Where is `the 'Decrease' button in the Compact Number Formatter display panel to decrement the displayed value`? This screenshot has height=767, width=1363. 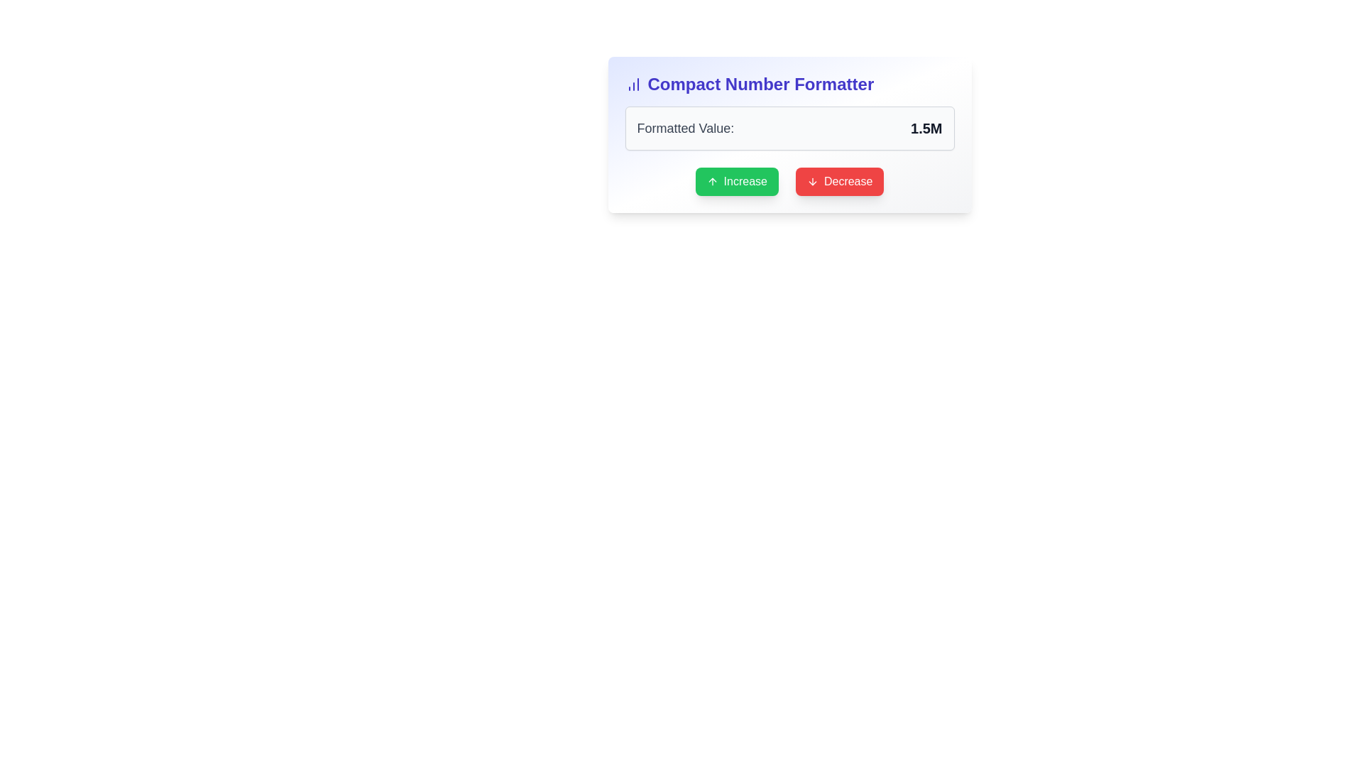
the 'Decrease' button in the Compact Number Formatter display panel to decrement the displayed value is located at coordinates (789, 134).